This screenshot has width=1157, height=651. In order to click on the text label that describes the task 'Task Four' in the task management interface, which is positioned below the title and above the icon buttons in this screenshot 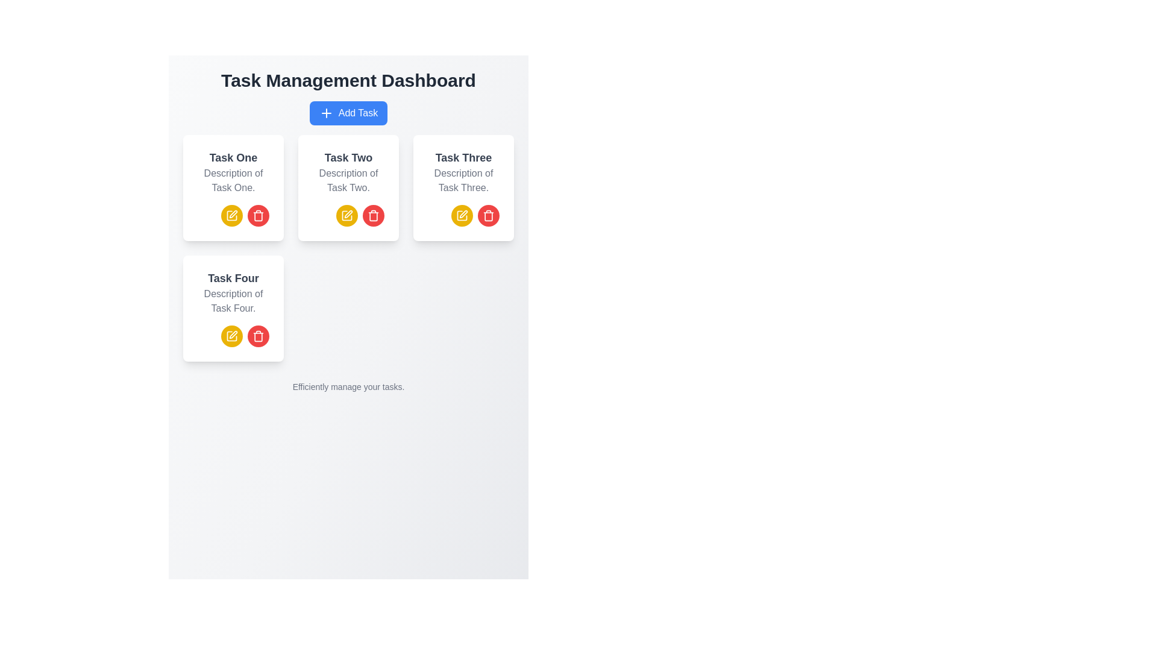, I will do `click(233, 301)`.